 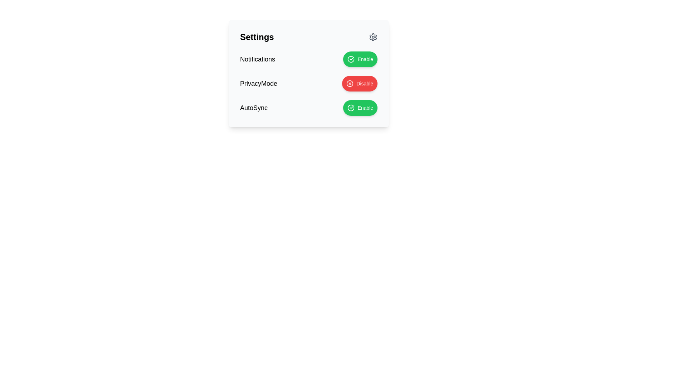 What do you see at coordinates (351, 59) in the screenshot?
I see `the green circle icon with a checkmark, which is part of the 'Enable' button in the Notifications settings row` at bounding box center [351, 59].